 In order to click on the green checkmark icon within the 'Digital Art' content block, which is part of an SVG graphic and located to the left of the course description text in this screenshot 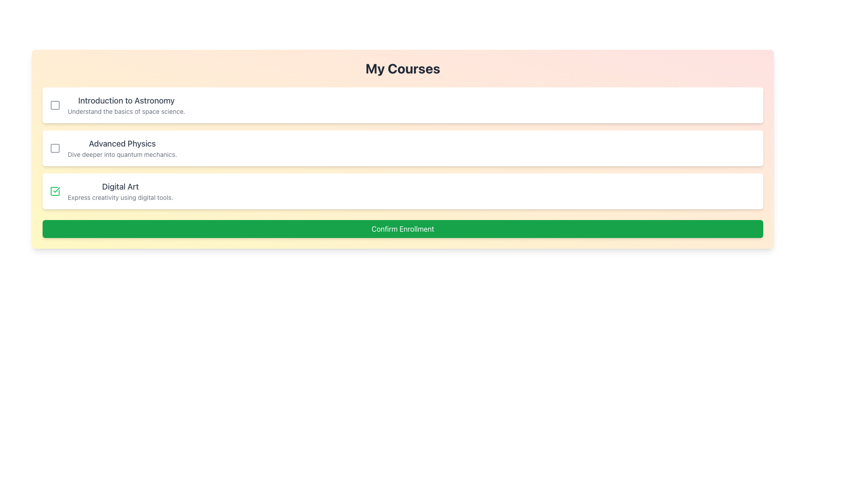, I will do `click(56, 190)`.